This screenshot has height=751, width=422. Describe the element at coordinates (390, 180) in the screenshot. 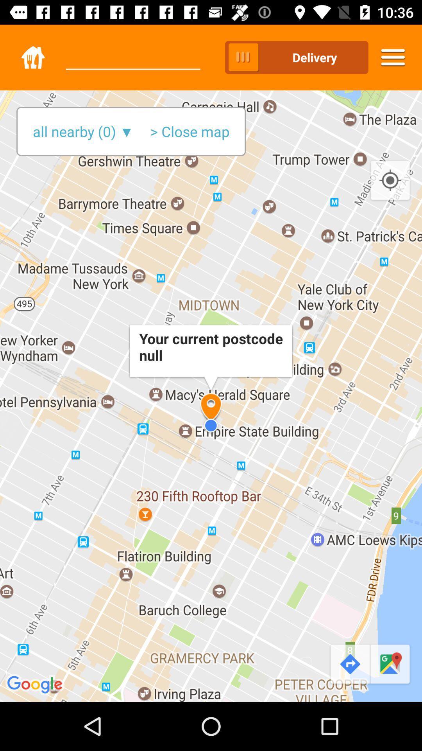

I see `the location_crosshair icon` at that location.